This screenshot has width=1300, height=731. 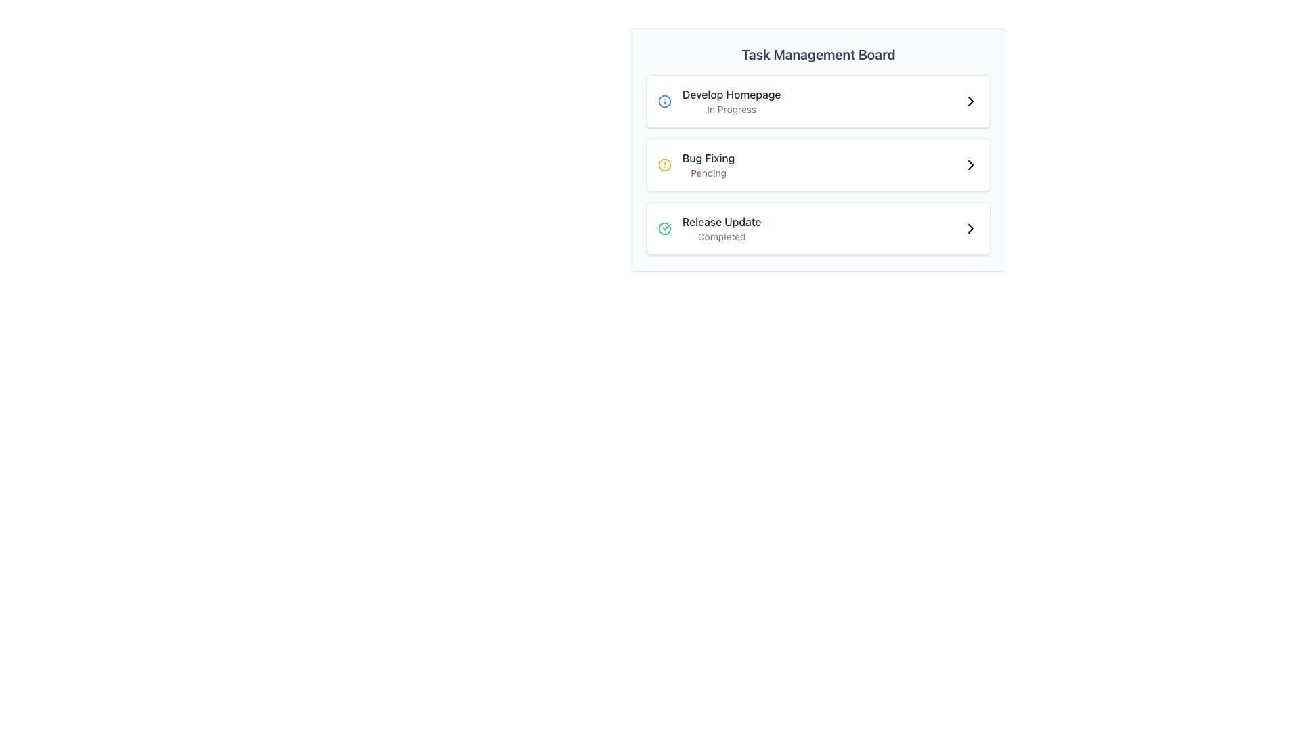 I want to click on status text displayed in the text label that says 'In Progress' located under the title 'Develop Homepage' in the Task Management Board, so click(x=731, y=109).